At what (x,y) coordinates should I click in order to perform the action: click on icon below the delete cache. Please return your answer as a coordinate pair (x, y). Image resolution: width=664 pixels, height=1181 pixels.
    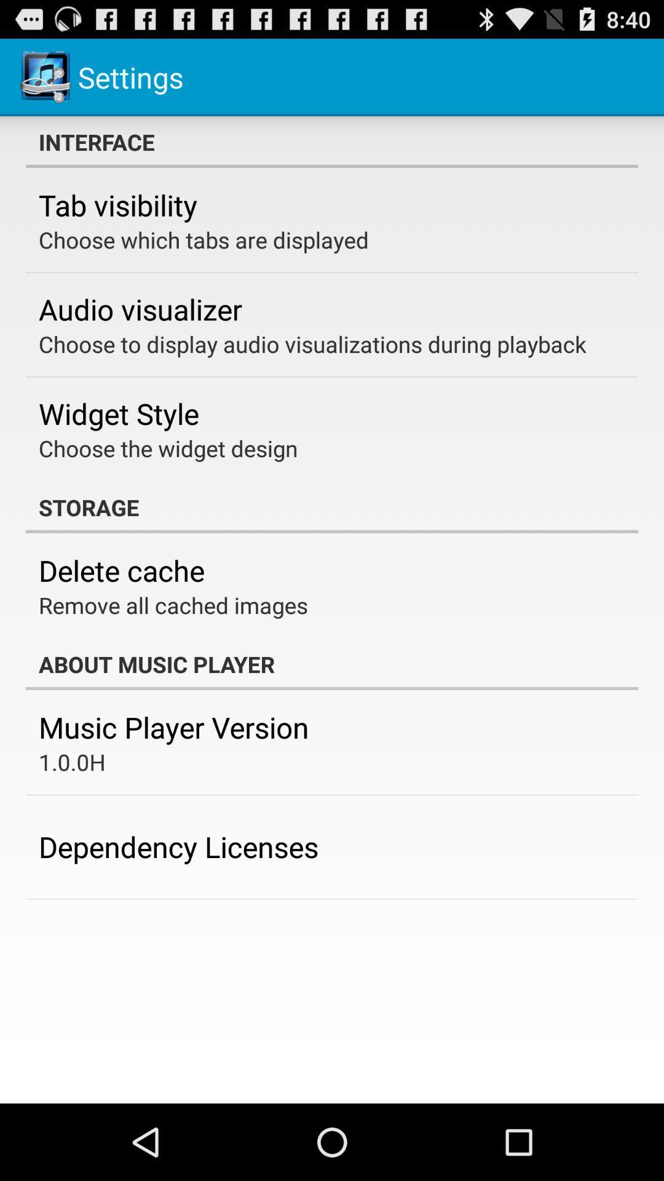
    Looking at the image, I should click on (173, 605).